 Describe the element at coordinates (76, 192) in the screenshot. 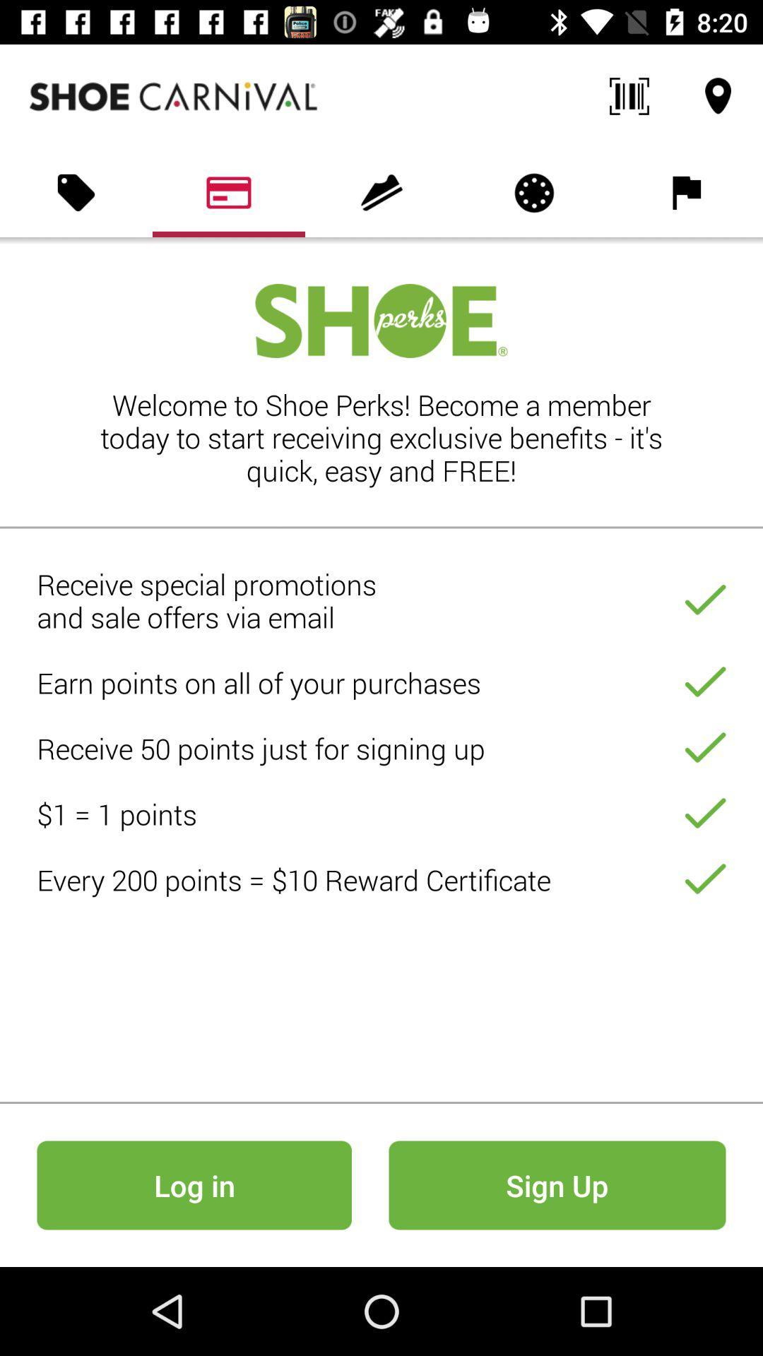

I see `tag icon` at that location.